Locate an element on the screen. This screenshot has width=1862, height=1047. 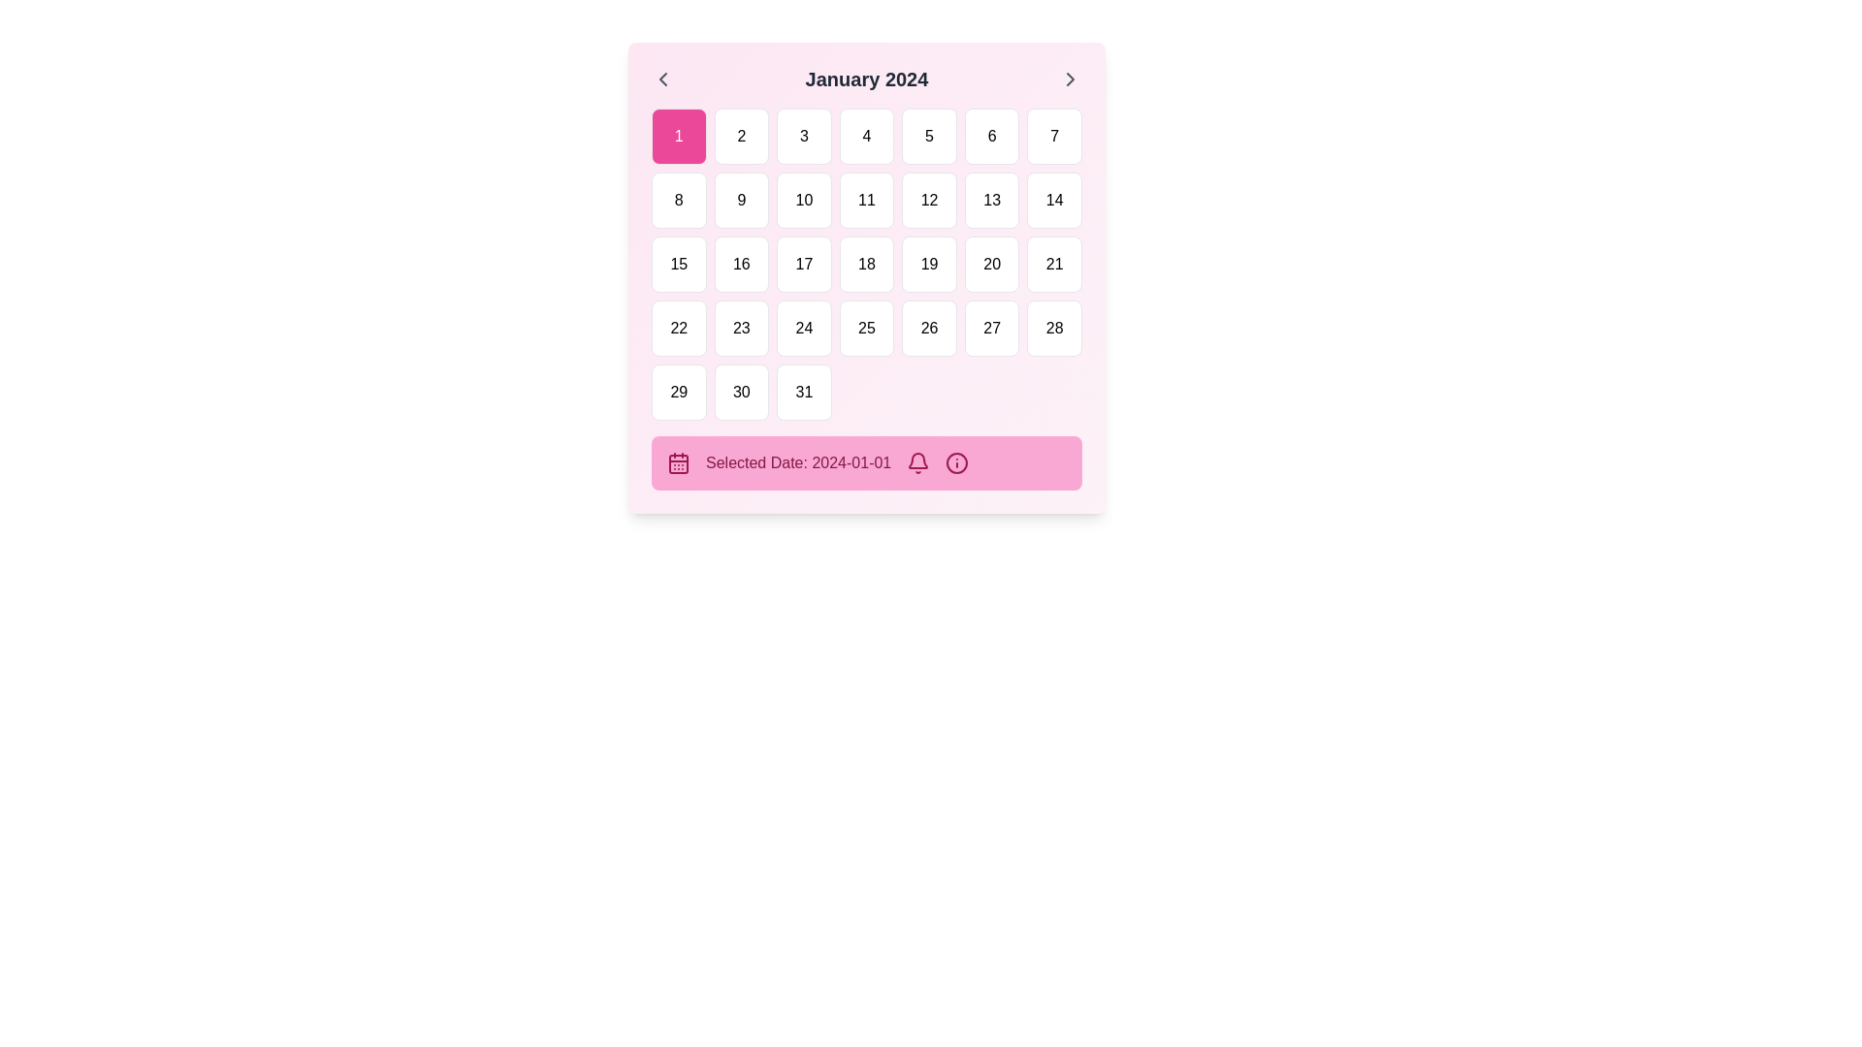
the calendar button representing the date 27th is located at coordinates (992, 328).